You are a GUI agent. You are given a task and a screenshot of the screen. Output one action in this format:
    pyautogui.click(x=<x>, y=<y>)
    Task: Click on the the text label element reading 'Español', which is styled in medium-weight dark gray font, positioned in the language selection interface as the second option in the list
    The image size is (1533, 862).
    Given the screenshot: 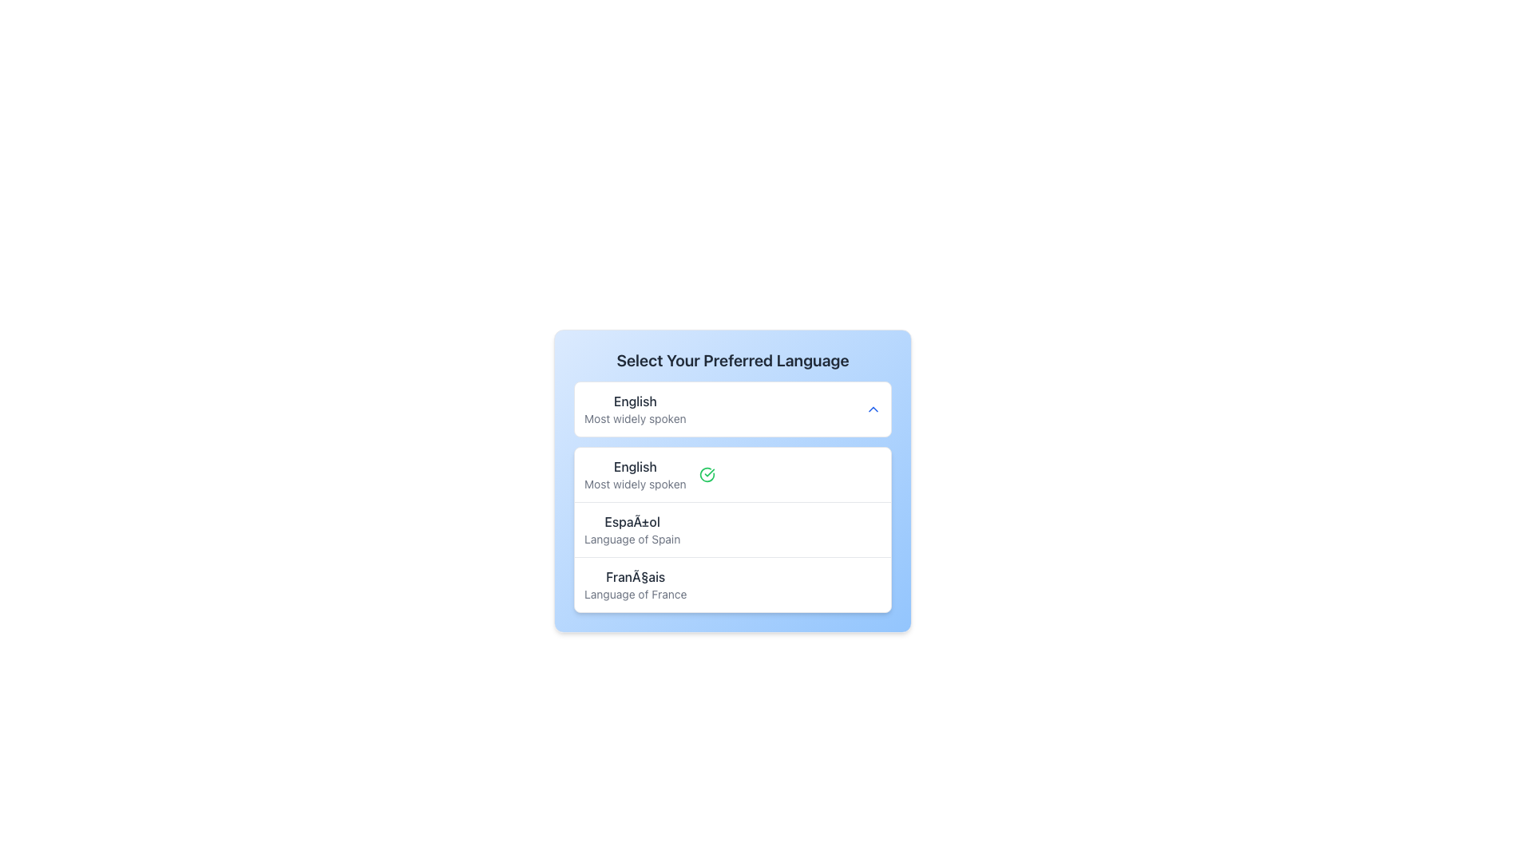 What is the action you would take?
    pyautogui.click(x=632, y=522)
    